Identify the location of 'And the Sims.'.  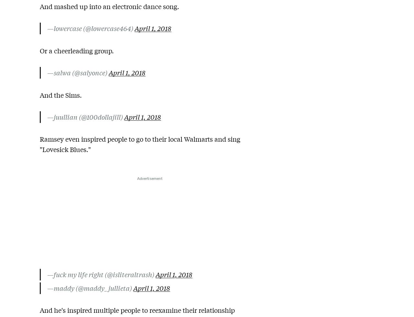
(61, 94).